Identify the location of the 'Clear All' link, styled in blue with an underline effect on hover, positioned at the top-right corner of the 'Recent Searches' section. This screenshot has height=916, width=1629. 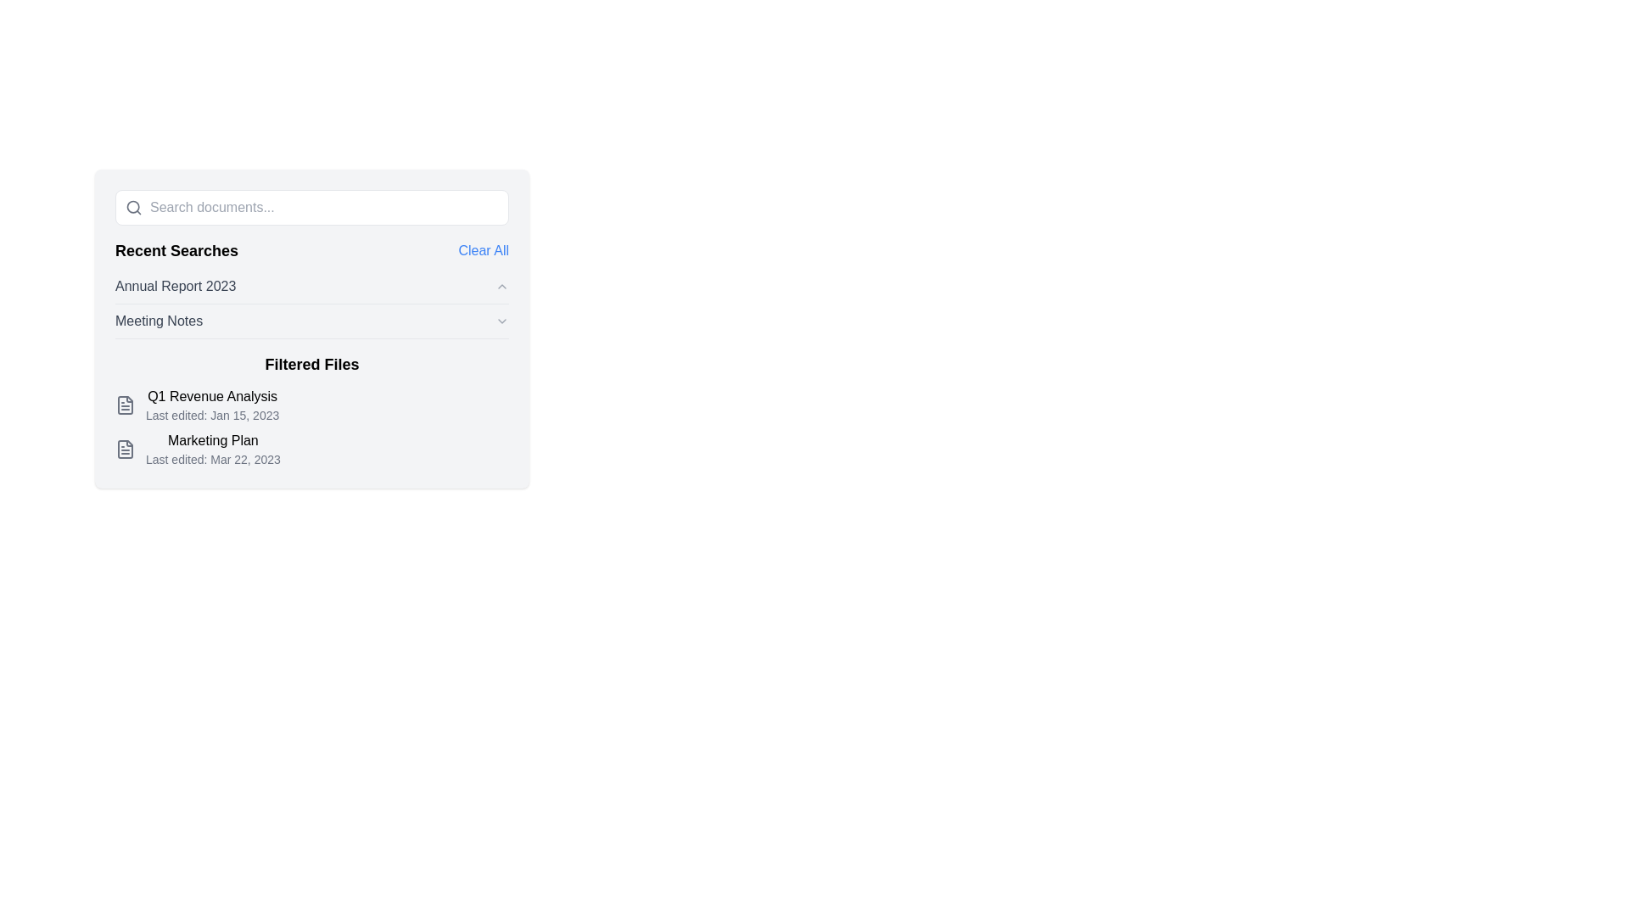
(483, 251).